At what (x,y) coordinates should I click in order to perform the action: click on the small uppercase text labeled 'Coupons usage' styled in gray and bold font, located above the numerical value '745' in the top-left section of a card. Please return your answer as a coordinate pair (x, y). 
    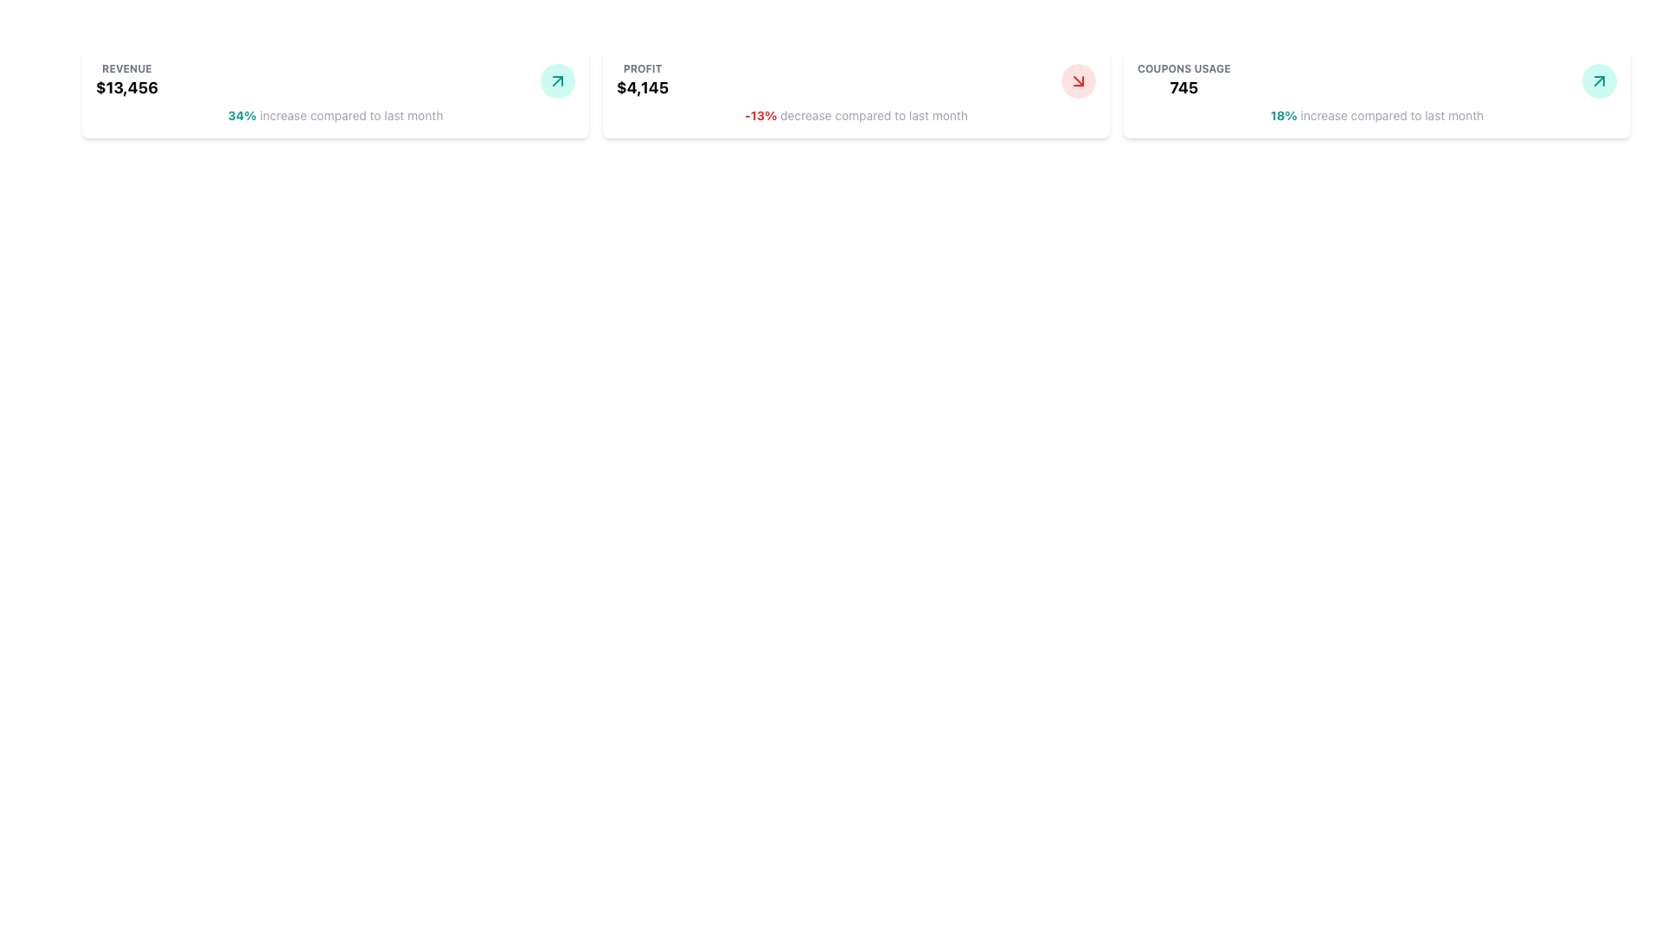
    Looking at the image, I should click on (1183, 68).